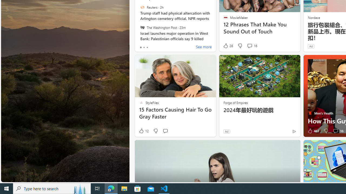 The image size is (346, 194). Describe the element at coordinates (142, 7) in the screenshot. I see `'Reuters'` at that location.